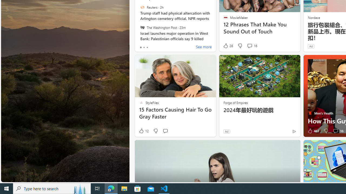 The image size is (346, 194). Describe the element at coordinates (142, 7) in the screenshot. I see `'Reuters'` at that location.